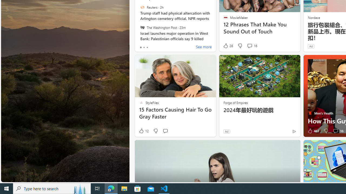 The image size is (346, 194). Describe the element at coordinates (142, 7) in the screenshot. I see `'Reuters'` at that location.